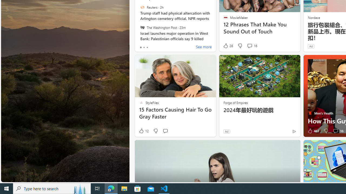 The image size is (346, 194). Describe the element at coordinates (142, 7) in the screenshot. I see `'Reuters'` at that location.